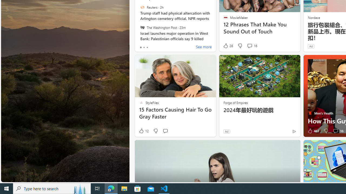 The image size is (346, 194). Describe the element at coordinates (142, 7) in the screenshot. I see `'Reuters'` at that location.